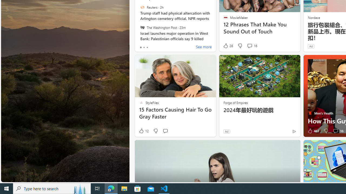 The image size is (346, 194). Describe the element at coordinates (142, 7) in the screenshot. I see `'Reuters'` at that location.